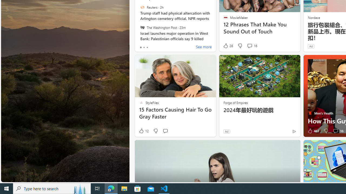 The image size is (346, 194). Describe the element at coordinates (142, 7) in the screenshot. I see `'Reuters'` at that location.